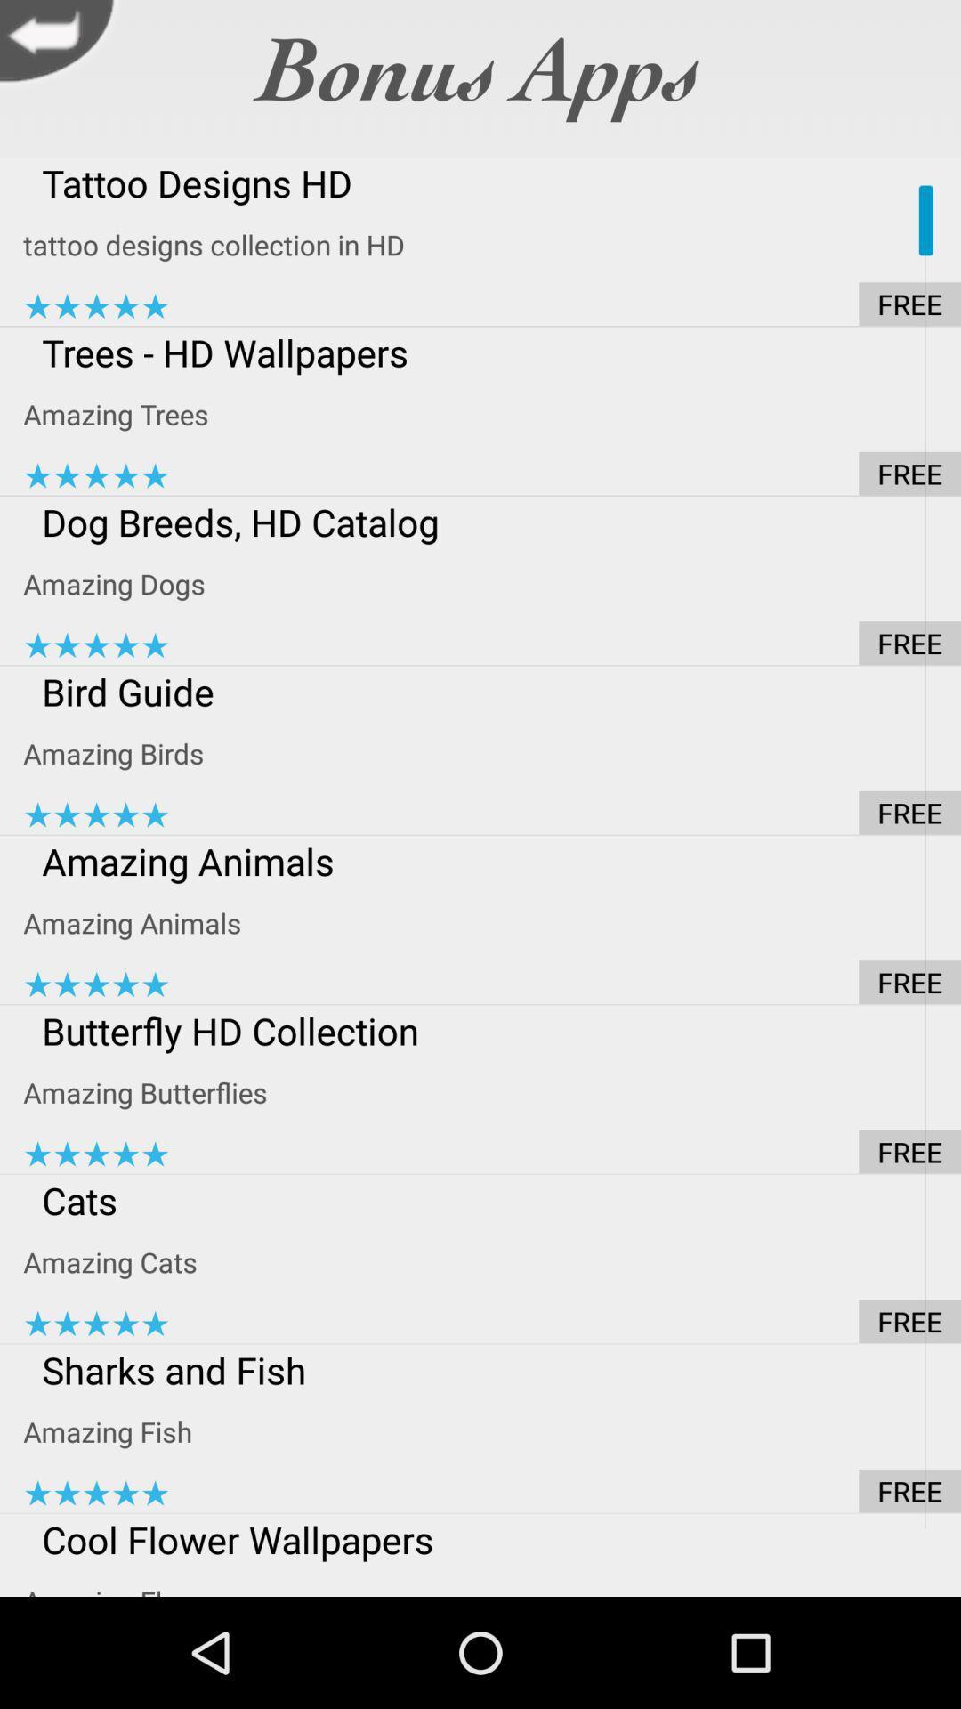  What do you see at coordinates (492, 1091) in the screenshot?
I see `icon below the   butterfly hd collection  item` at bounding box center [492, 1091].